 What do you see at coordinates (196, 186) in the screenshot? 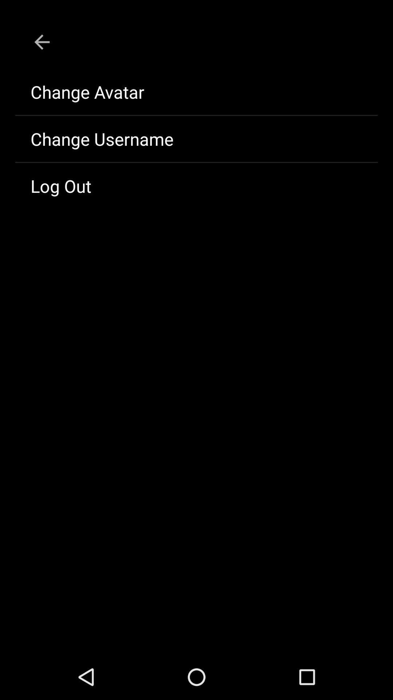
I see `the log out` at bounding box center [196, 186].